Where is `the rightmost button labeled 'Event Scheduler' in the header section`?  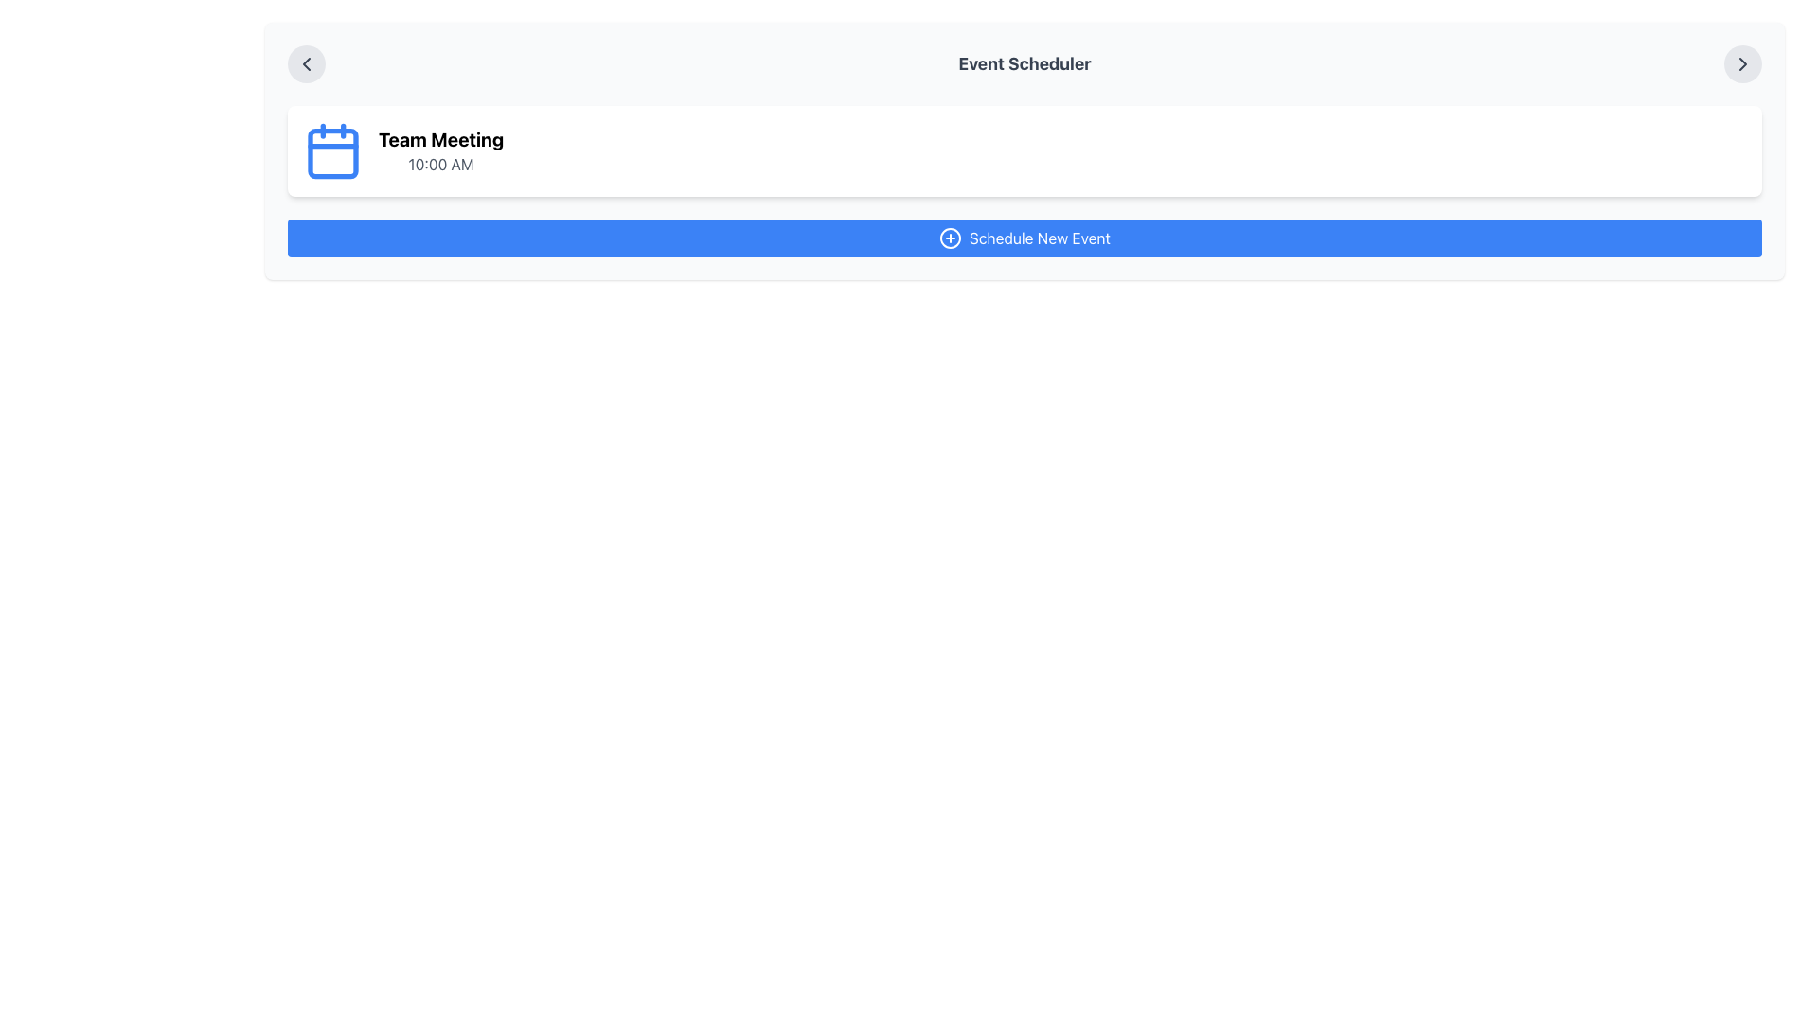
the rightmost button labeled 'Event Scheduler' in the header section is located at coordinates (1742, 63).